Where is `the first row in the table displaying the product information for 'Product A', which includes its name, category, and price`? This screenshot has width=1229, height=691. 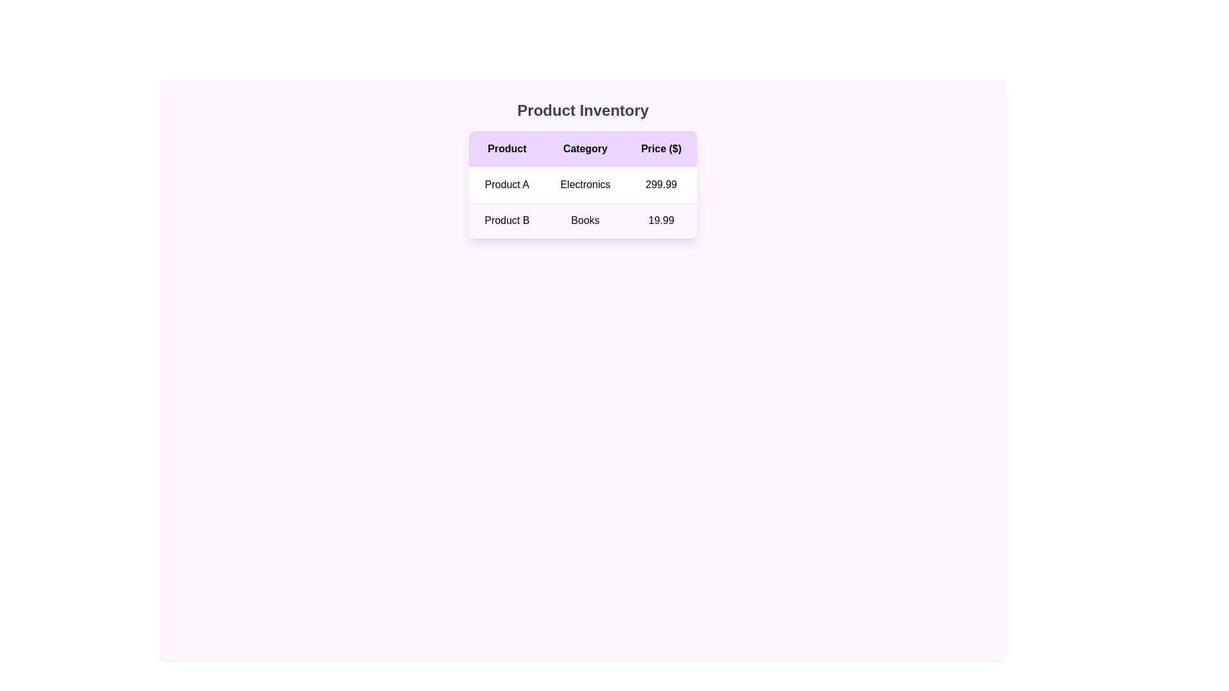 the first row in the table displaying the product information for 'Product A', which includes its name, category, and price is located at coordinates (582, 185).